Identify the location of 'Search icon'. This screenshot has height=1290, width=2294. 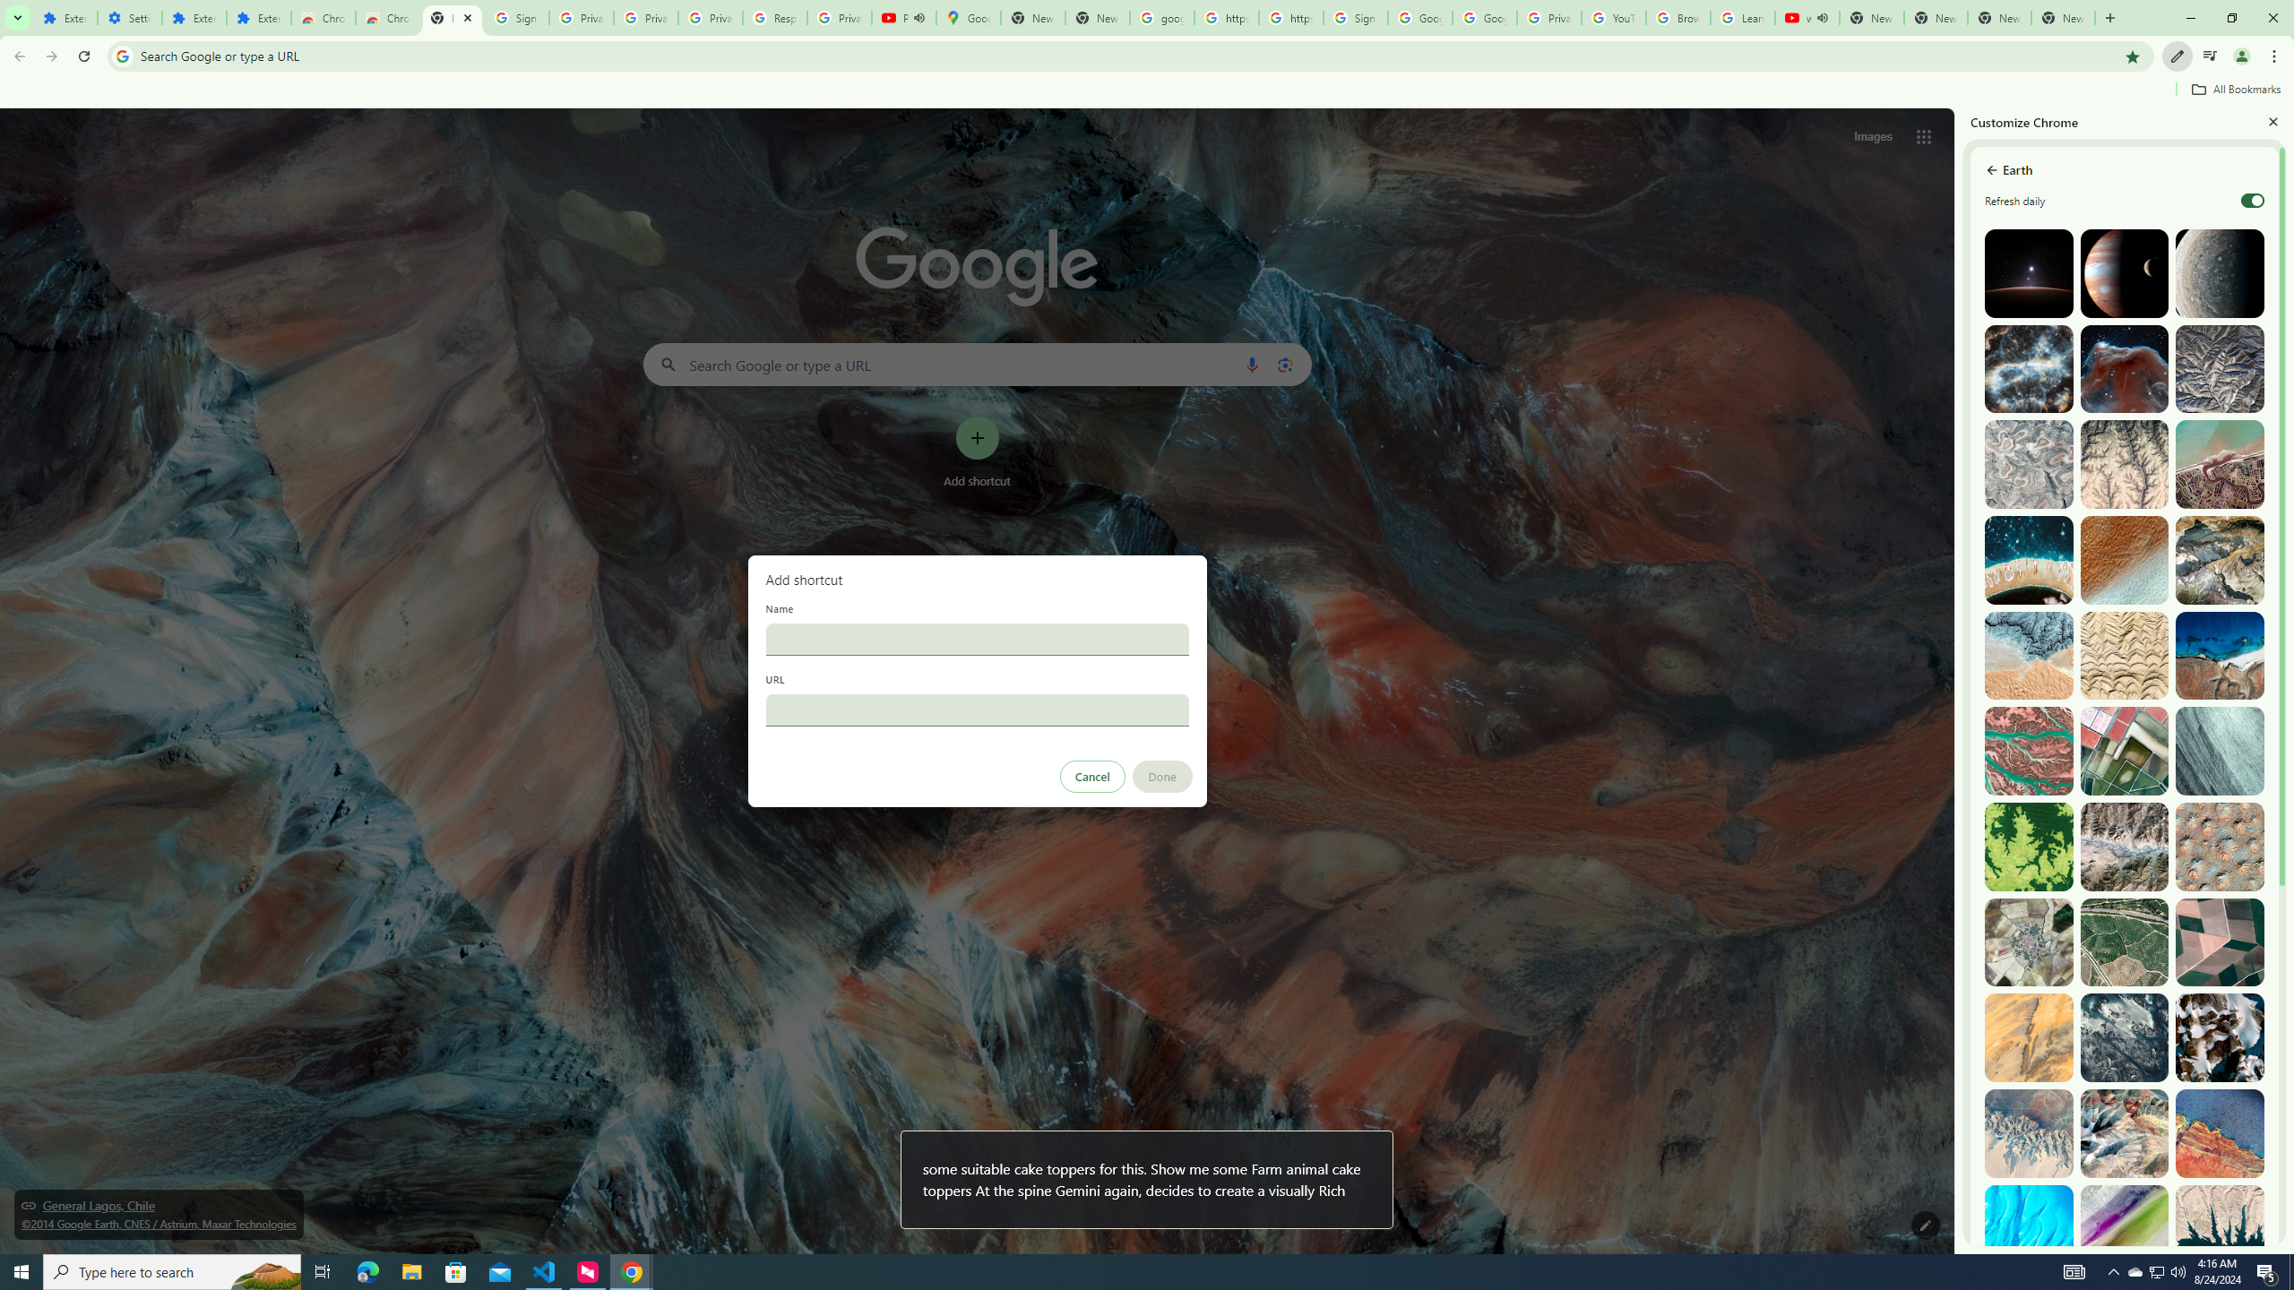
(121, 55).